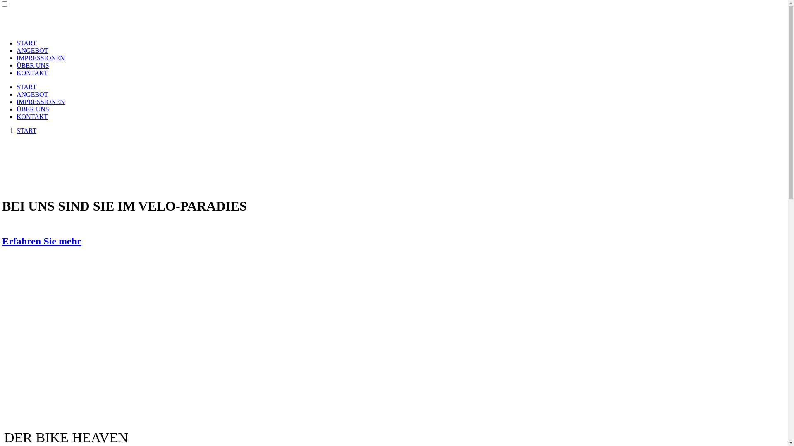  What do you see at coordinates (40, 57) in the screenshot?
I see `'IMPRESSIONEN'` at bounding box center [40, 57].